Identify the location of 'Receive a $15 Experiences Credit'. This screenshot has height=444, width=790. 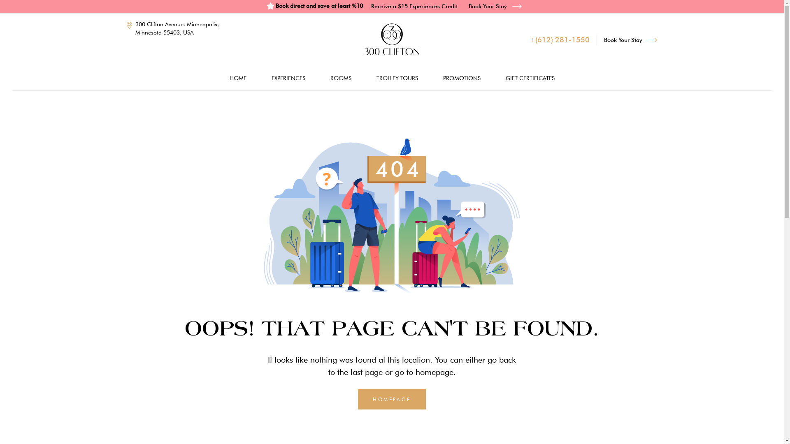
(414, 6).